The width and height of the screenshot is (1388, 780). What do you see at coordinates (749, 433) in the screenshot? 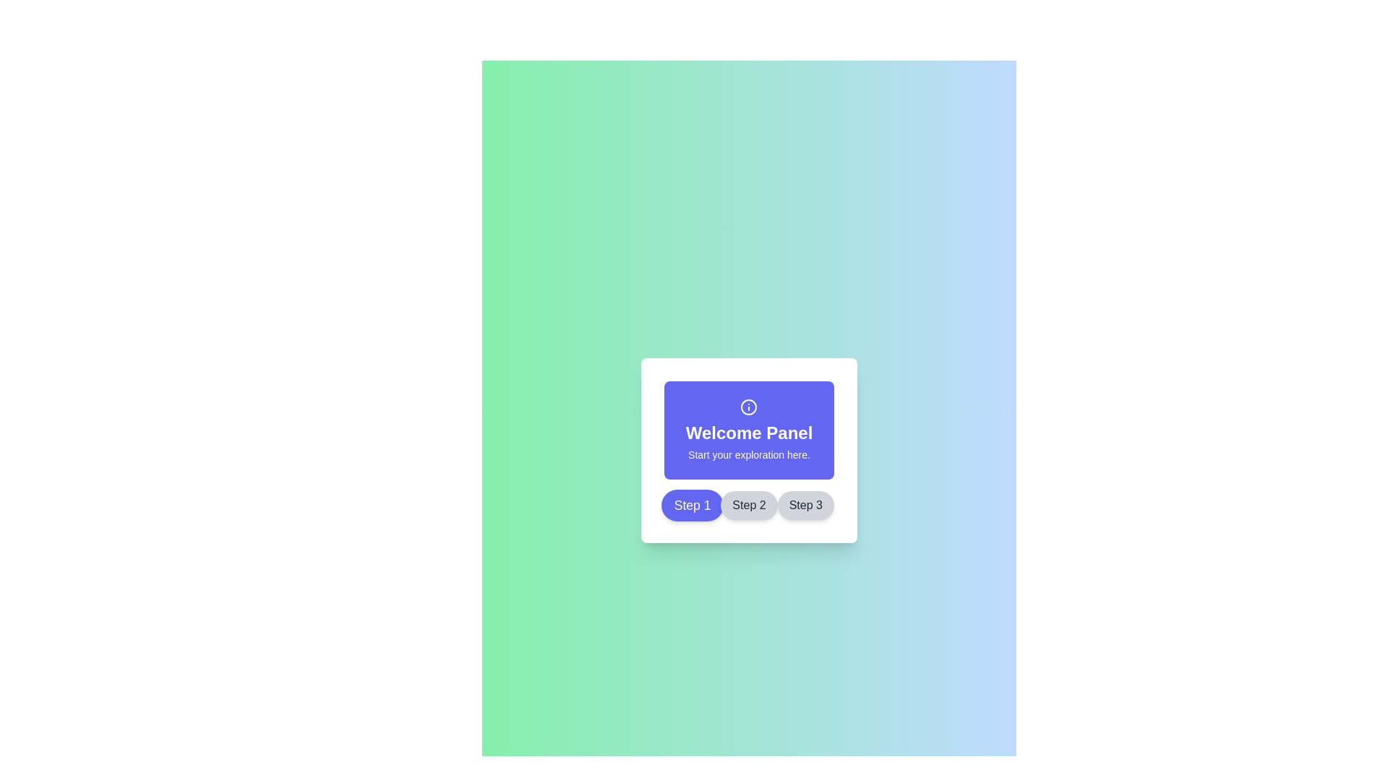
I see `the text label that serves as a title for the panel, positioned above the smaller text element that reads 'Start your exploration here.'` at bounding box center [749, 433].